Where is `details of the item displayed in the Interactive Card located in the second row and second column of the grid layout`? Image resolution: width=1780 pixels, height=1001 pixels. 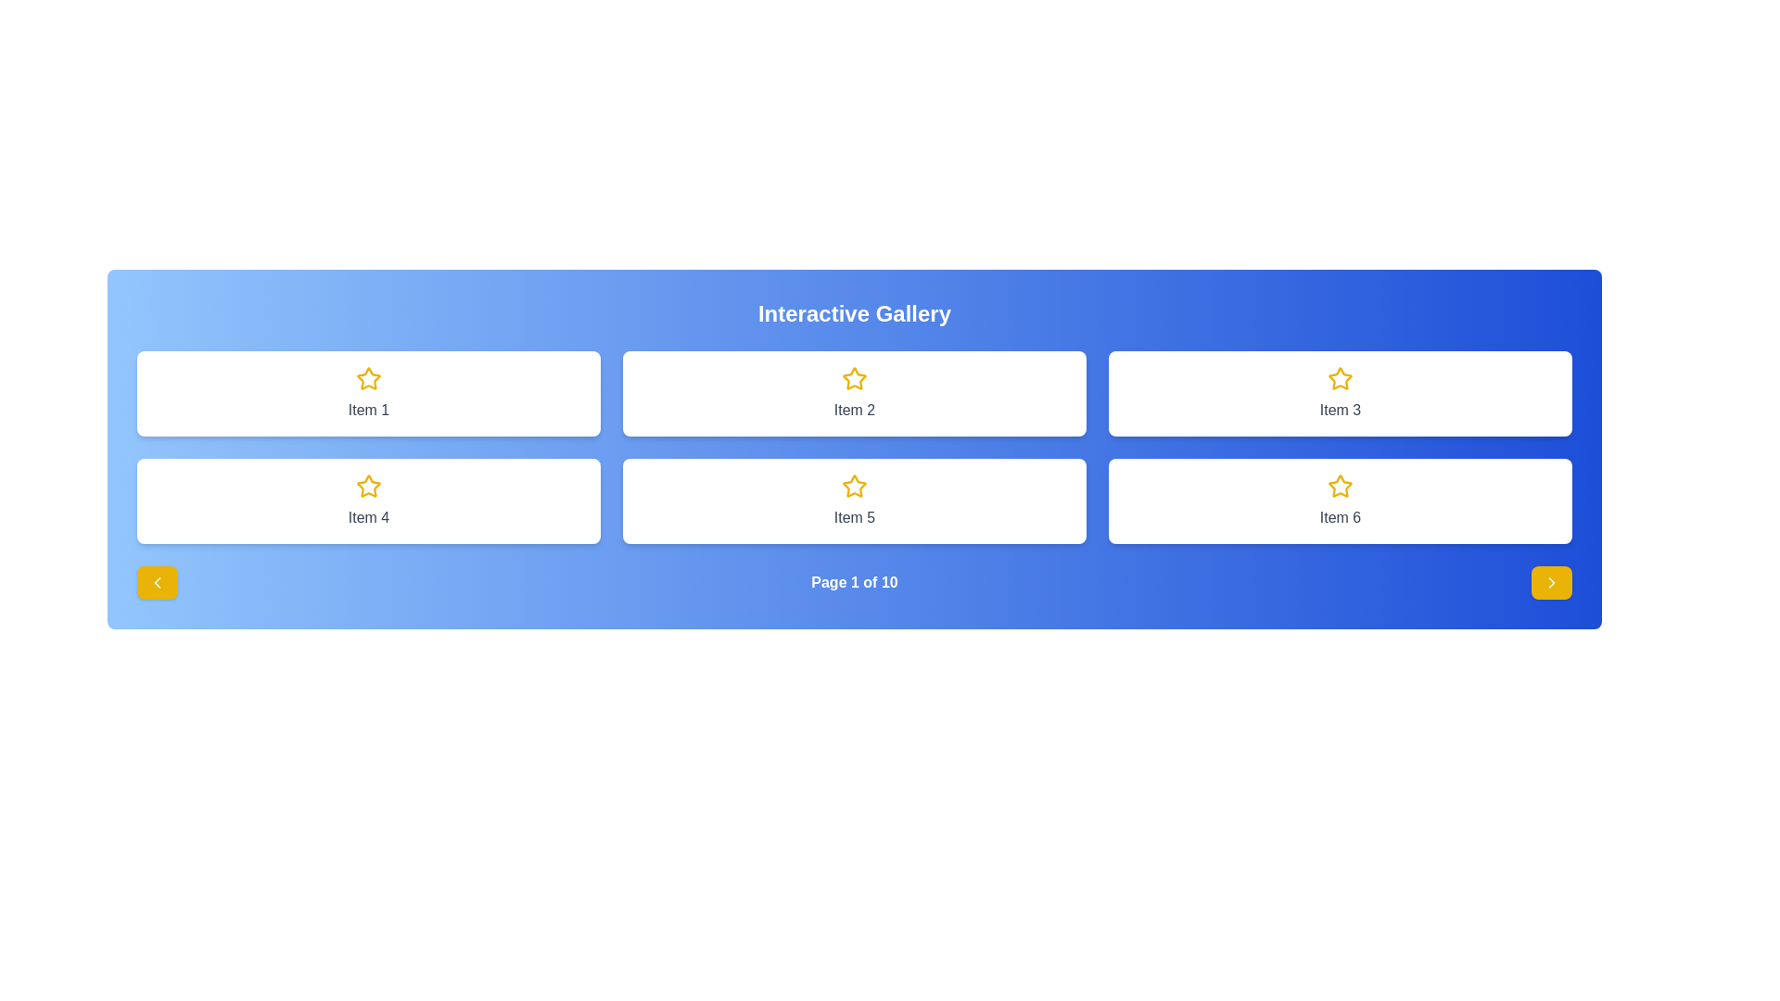
details of the item displayed in the Interactive Card located in the second row and second column of the grid layout is located at coordinates (853, 500).